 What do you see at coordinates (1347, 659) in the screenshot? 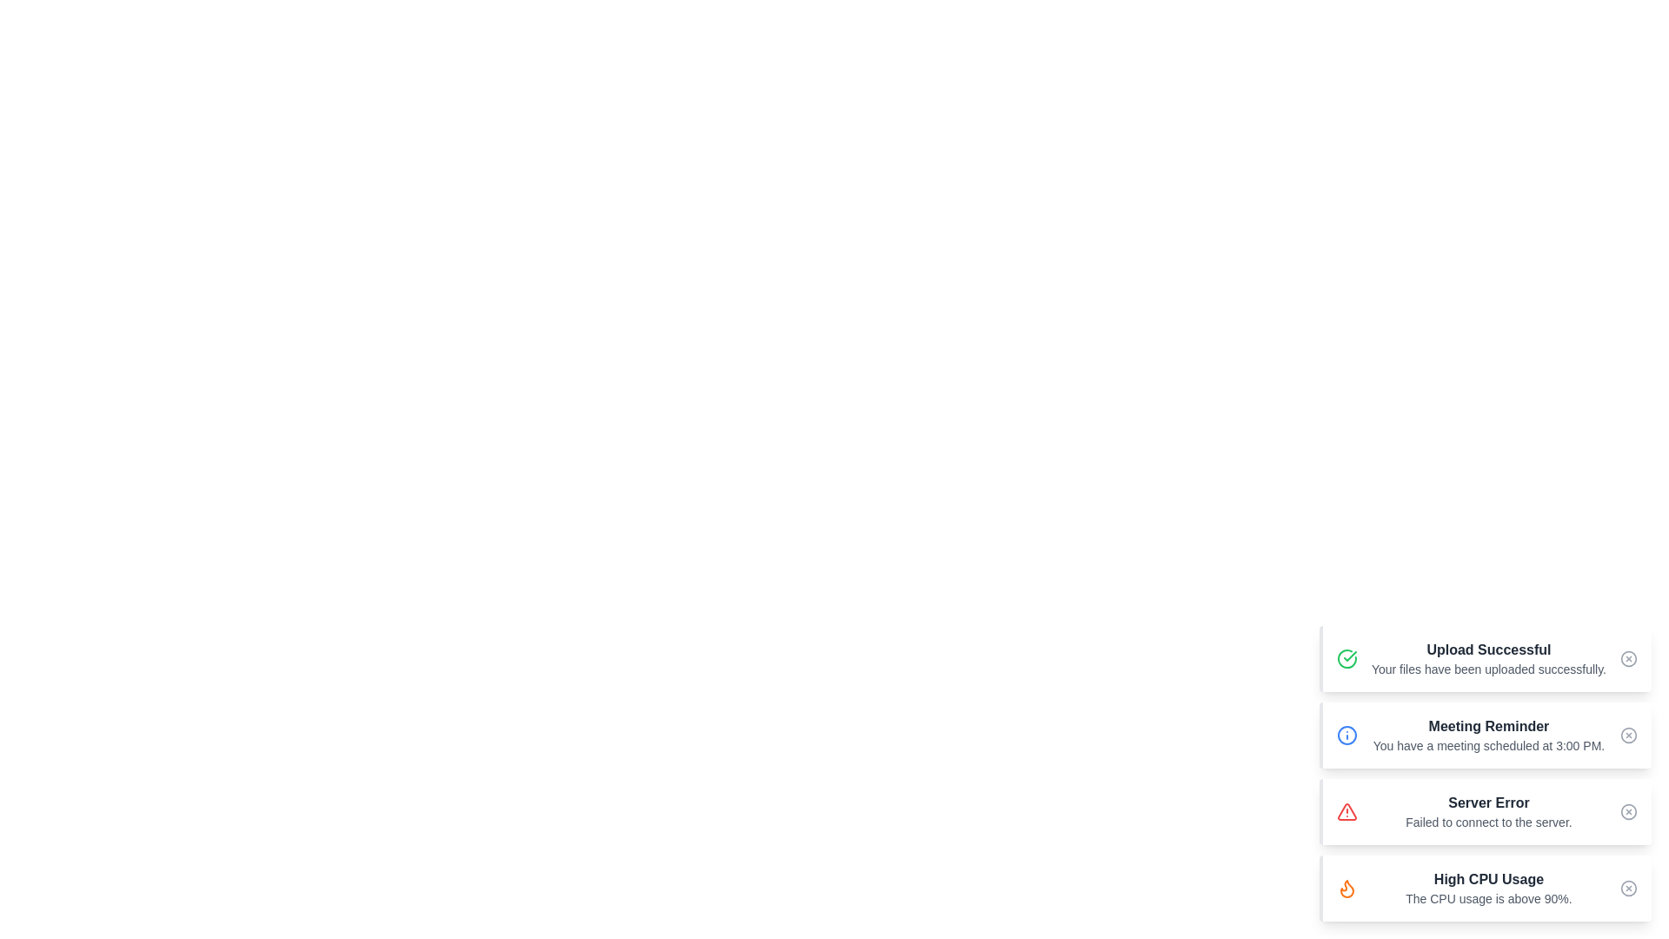
I see `the icon of the alert titled 'Upload Successful'` at bounding box center [1347, 659].